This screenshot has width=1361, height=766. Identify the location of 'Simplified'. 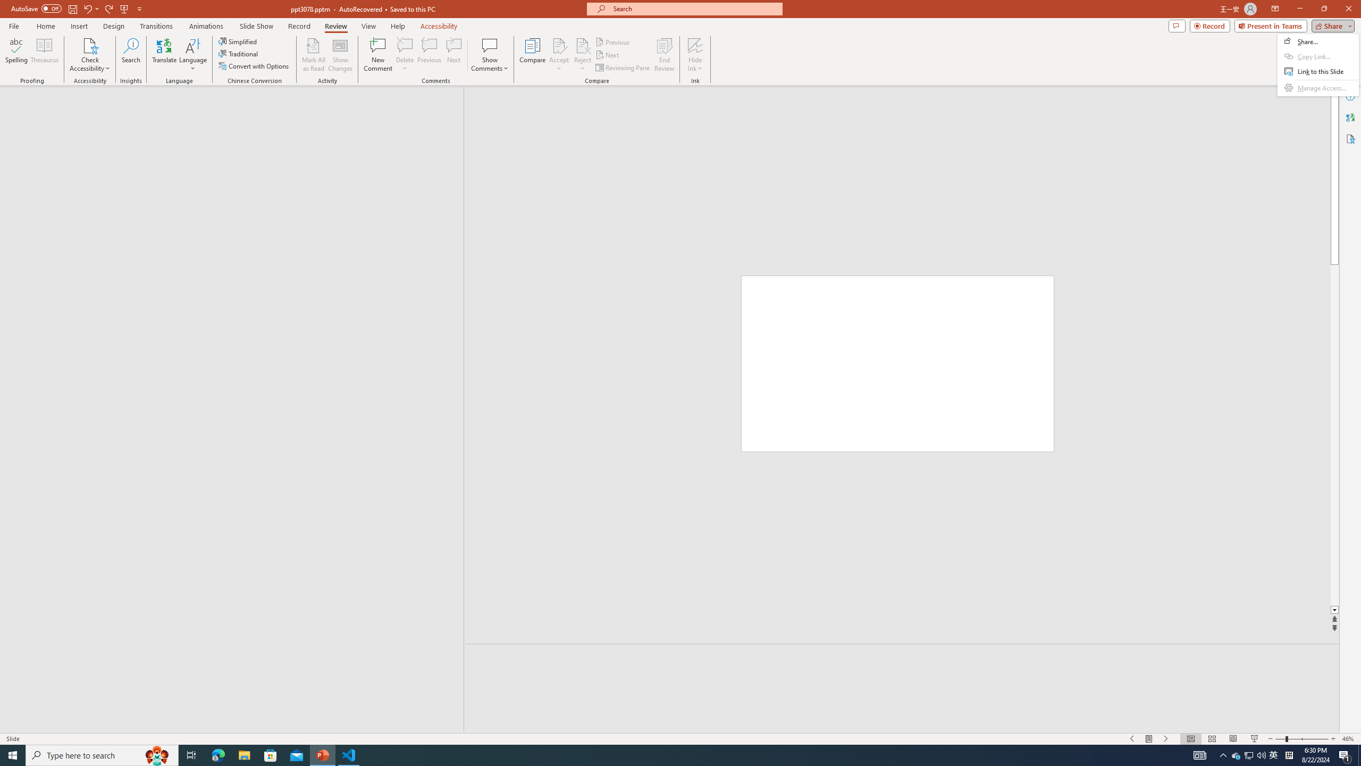
(238, 41).